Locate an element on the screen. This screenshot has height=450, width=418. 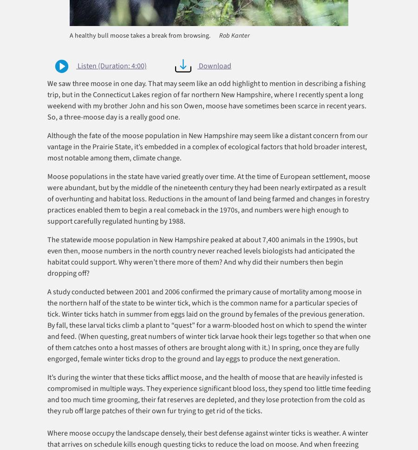
'Emergency' is located at coordinates (61, 200).